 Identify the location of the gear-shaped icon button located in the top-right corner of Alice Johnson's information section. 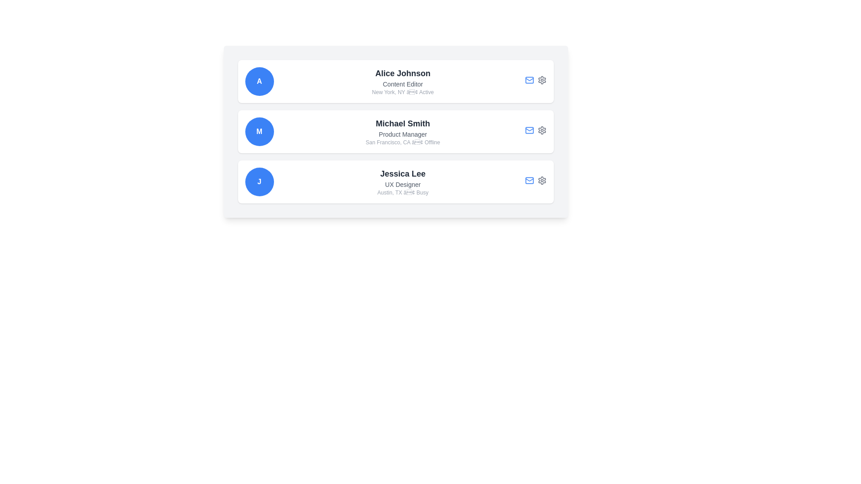
(541, 79).